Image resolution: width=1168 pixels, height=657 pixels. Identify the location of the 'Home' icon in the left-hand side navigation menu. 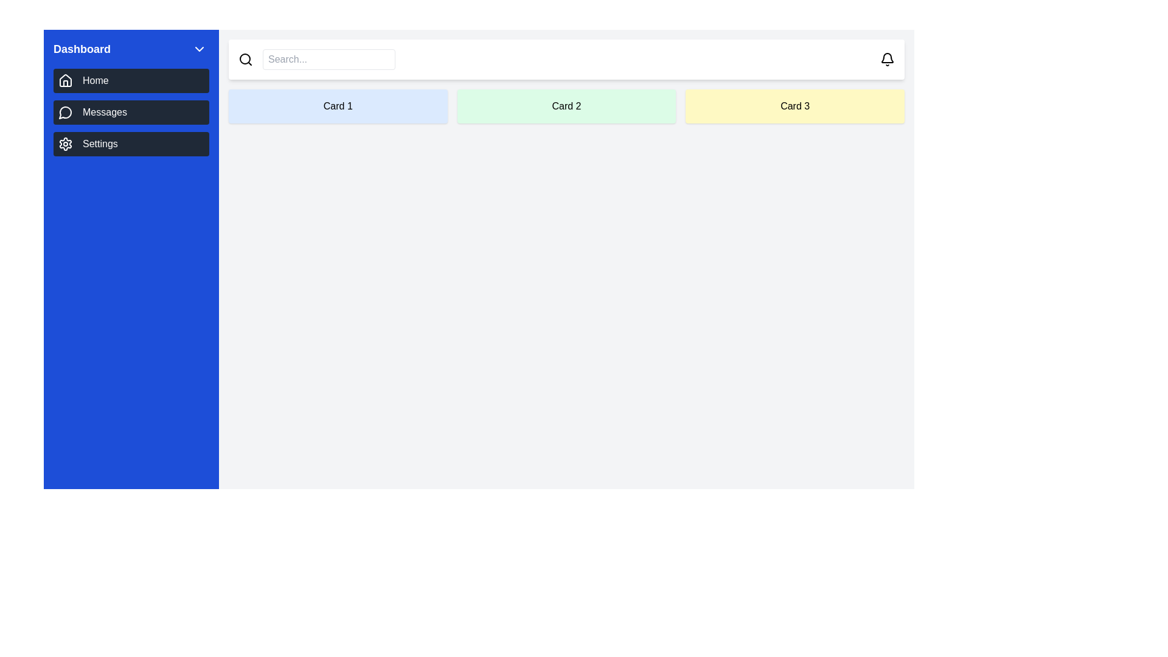
(65, 80).